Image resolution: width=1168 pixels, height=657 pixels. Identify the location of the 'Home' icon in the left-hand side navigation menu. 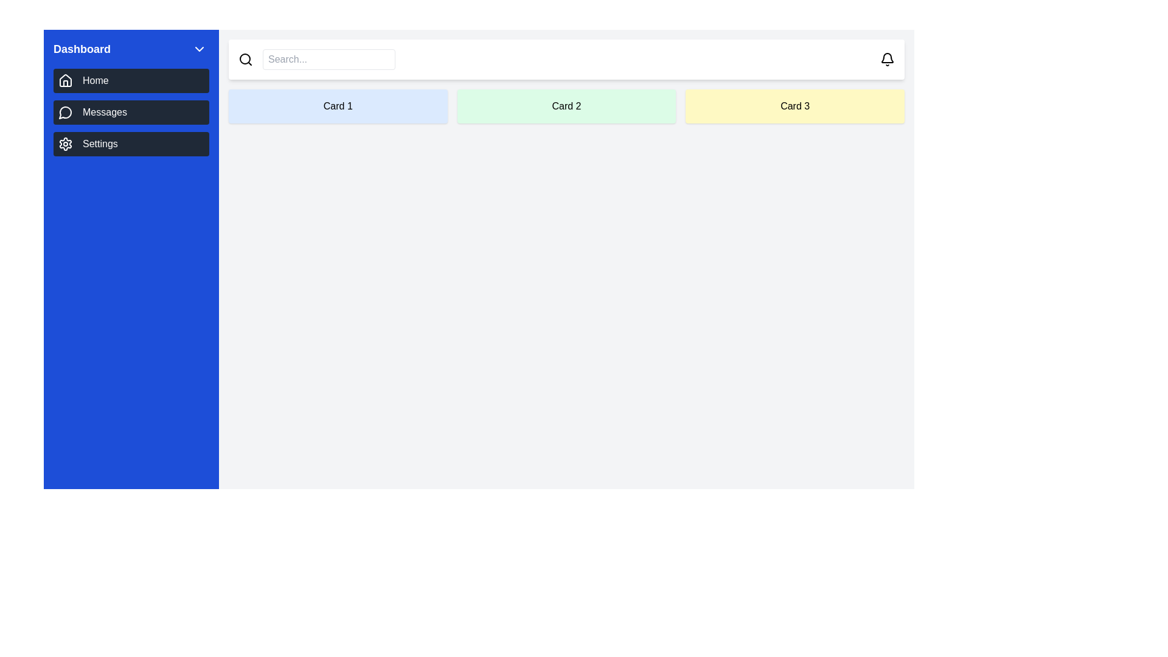
(65, 80).